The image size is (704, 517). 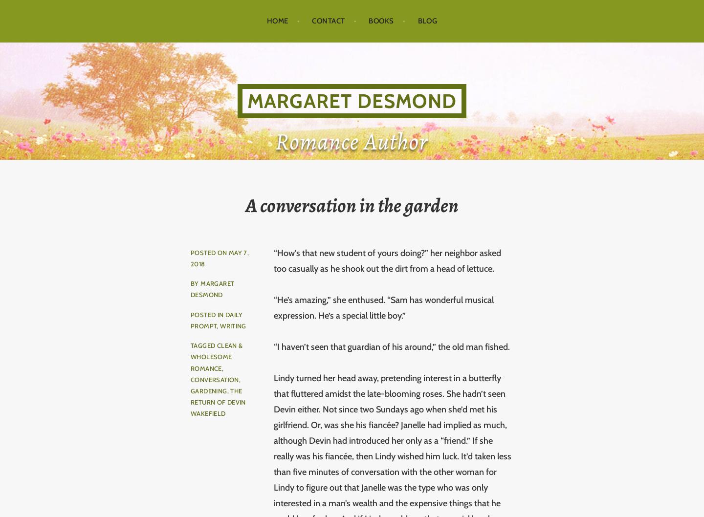 I want to click on 'by', so click(x=195, y=283).